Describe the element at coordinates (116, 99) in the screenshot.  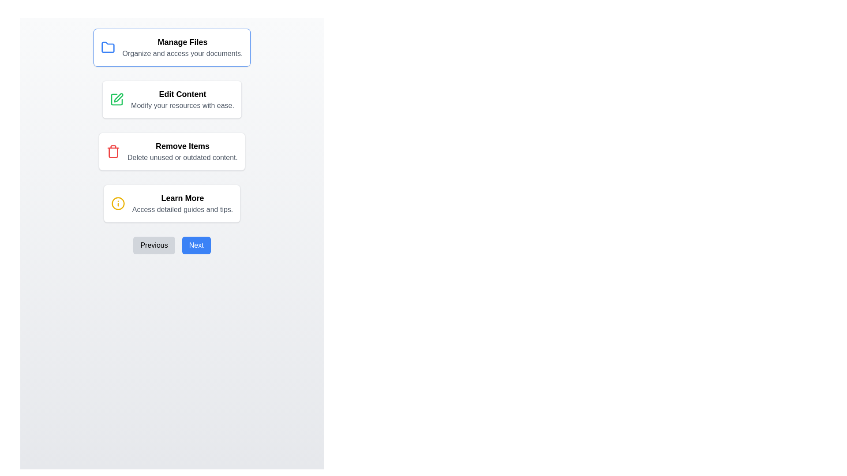
I see `the editing icon located in the 'Edit Content' section` at that location.